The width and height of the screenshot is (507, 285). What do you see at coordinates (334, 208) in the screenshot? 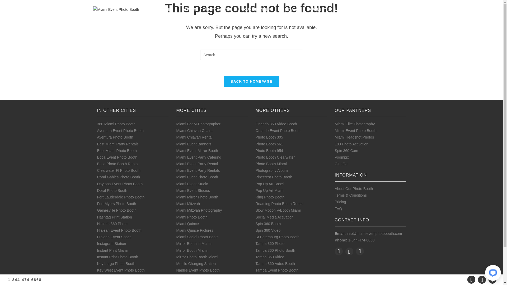
I see `'FAQ'` at bounding box center [334, 208].